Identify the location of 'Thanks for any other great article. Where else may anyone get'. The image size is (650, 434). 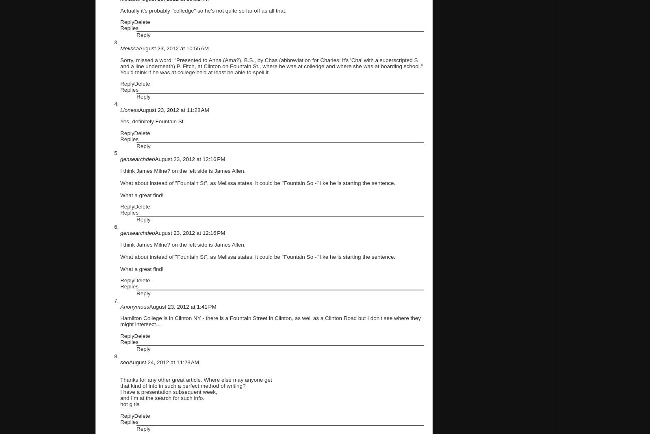
(195, 379).